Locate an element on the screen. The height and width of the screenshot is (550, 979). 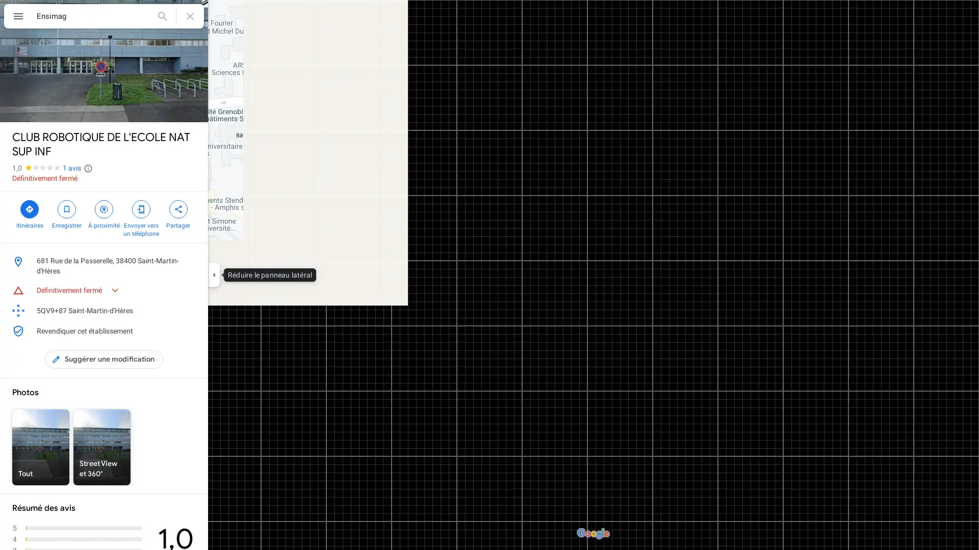
Copier le plus code is located at coordinates (175, 310).